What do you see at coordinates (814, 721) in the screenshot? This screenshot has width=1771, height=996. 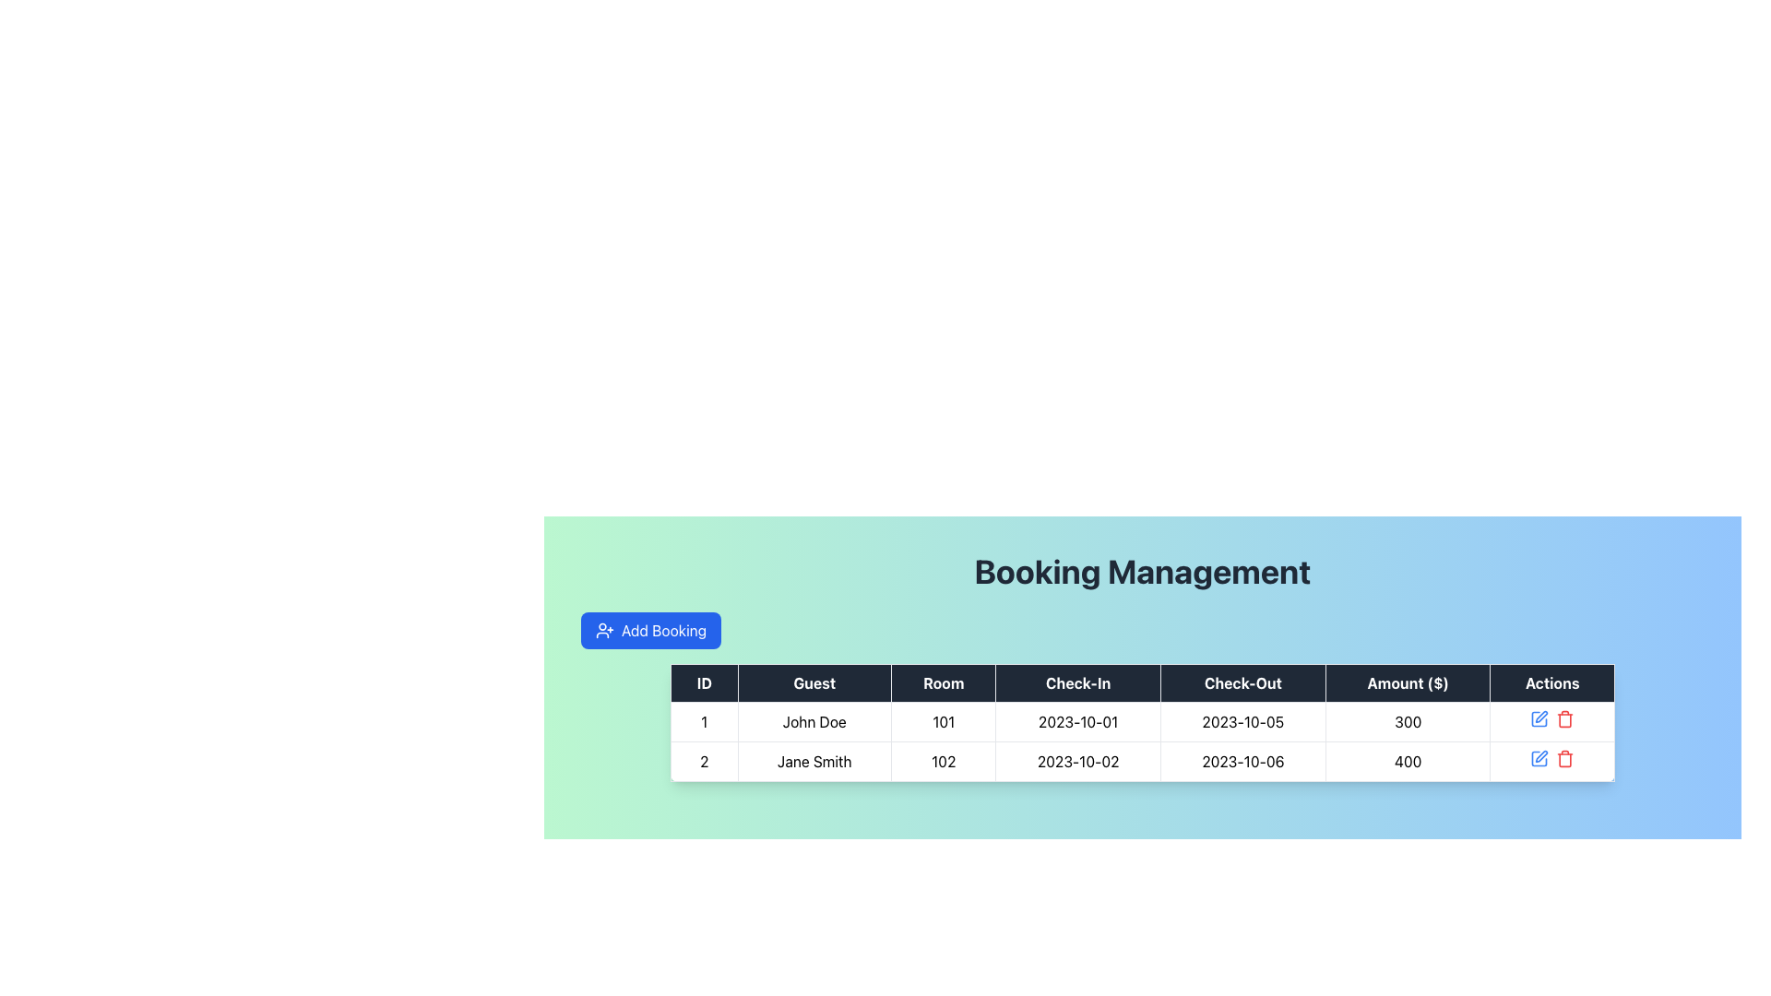 I see `the text label displaying the name of a guest in the booking management table, located in the second column of the first row` at bounding box center [814, 721].